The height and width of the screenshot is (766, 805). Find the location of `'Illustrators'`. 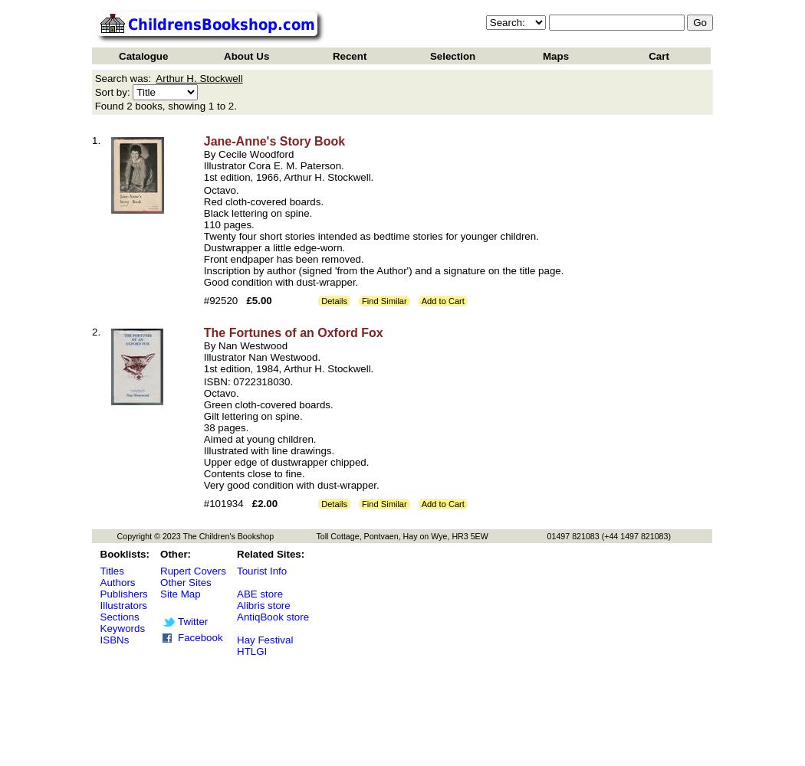

'Illustrators' is located at coordinates (123, 605).